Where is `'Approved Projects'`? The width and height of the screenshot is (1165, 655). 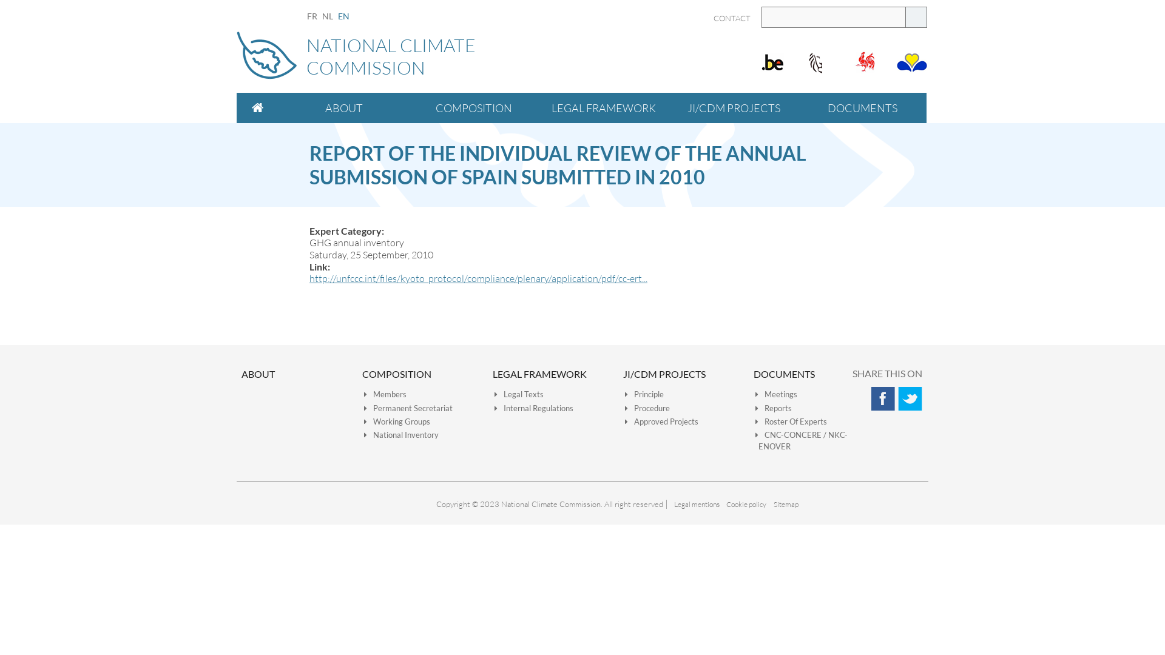 'Approved Projects' is located at coordinates (661, 420).